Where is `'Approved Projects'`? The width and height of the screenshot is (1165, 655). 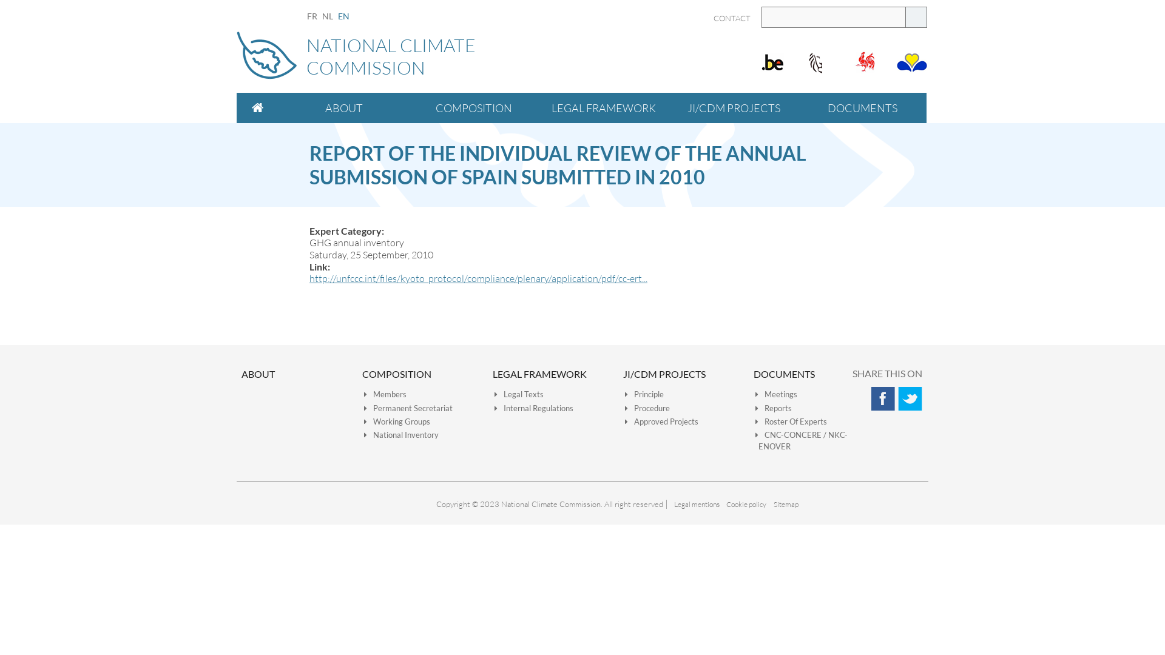 'Approved Projects' is located at coordinates (661, 420).